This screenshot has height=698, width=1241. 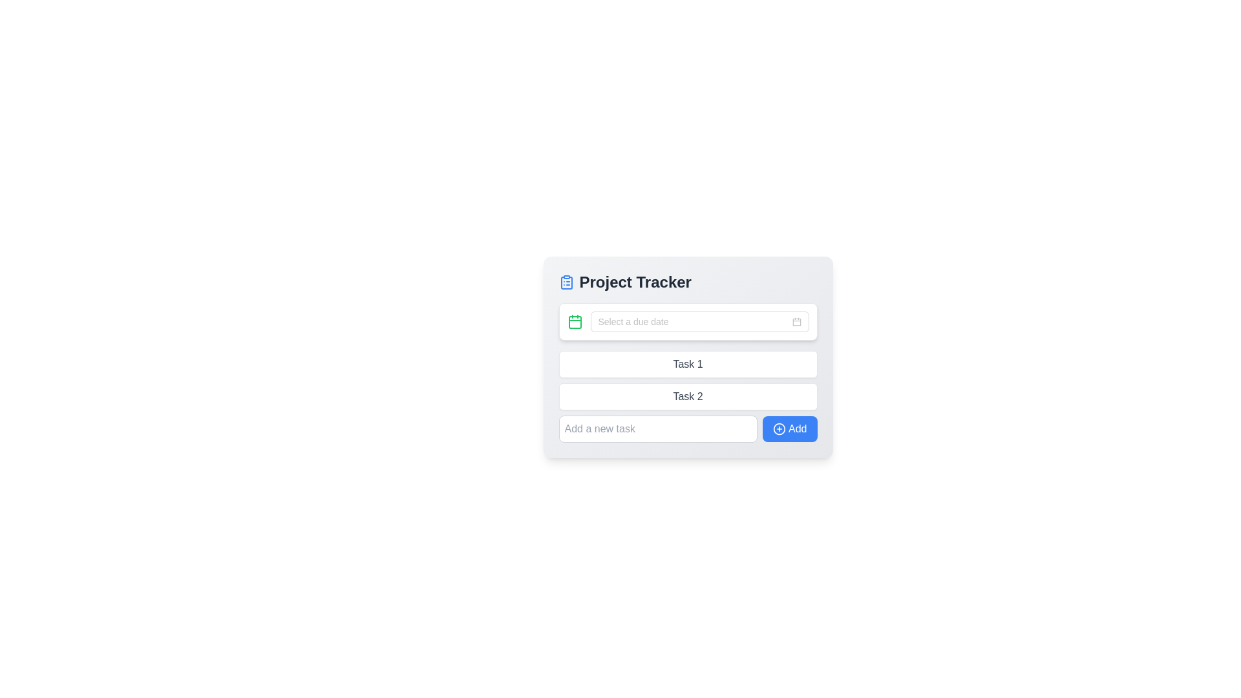 I want to click on the circular plus icon within the 'Add' button located at the bottom right of the task management interface, so click(x=778, y=428).